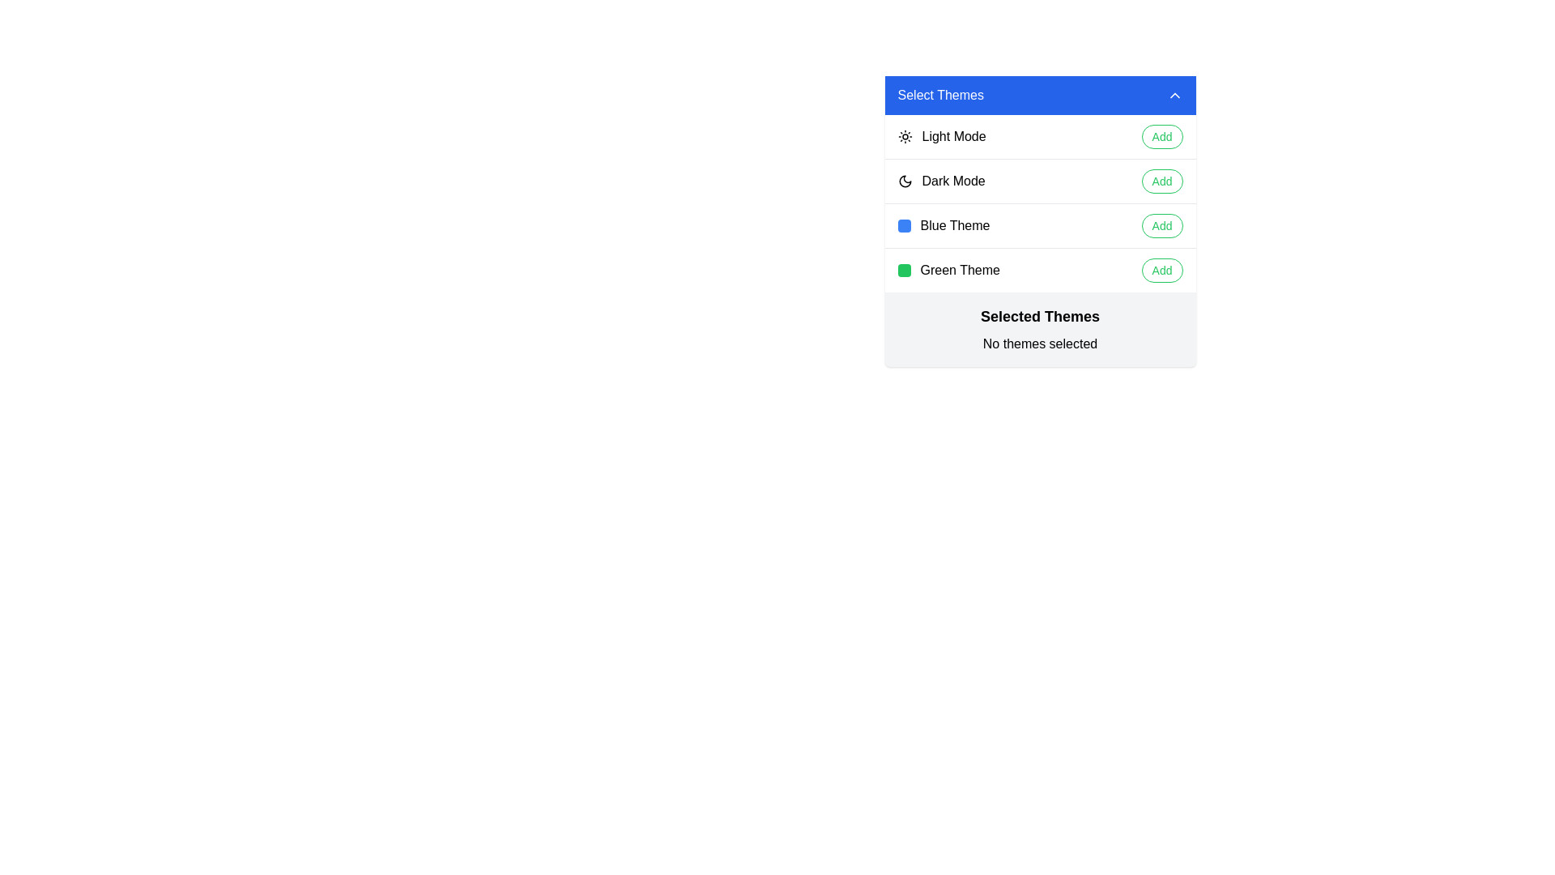 The width and height of the screenshot is (1555, 875). Describe the element at coordinates (940, 96) in the screenshot. I see `the 'Select Themes' text label, which is styled in white on a blue background and serves as a header for the dropdown menu` at that location.